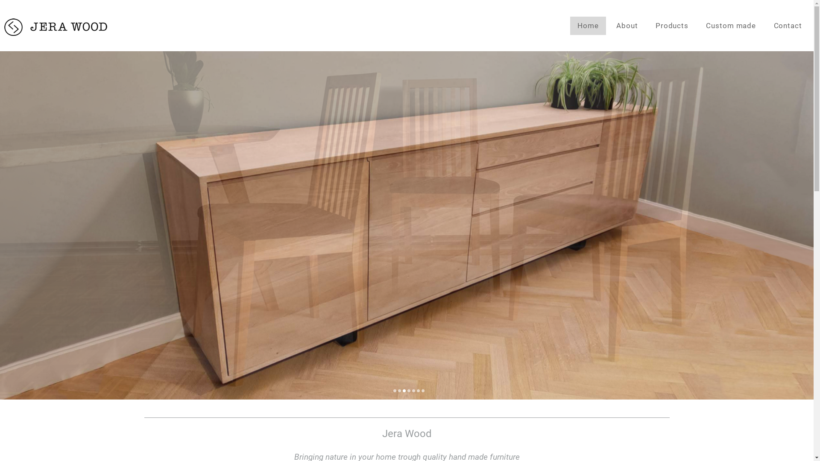  I want to click on 'About', so click(627, 25).